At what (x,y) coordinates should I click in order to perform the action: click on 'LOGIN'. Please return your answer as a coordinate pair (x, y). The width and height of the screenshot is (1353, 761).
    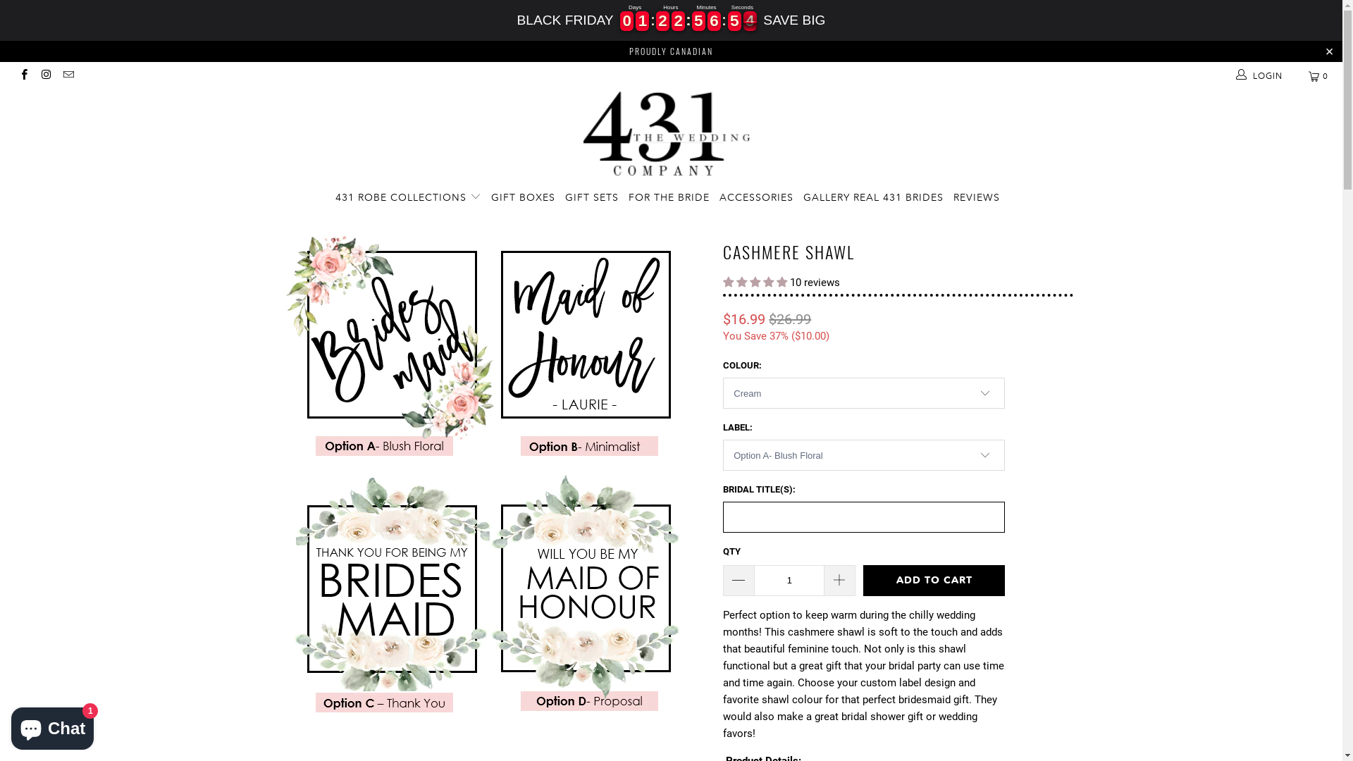
    Looking at the image, I should click on (1234, 76).